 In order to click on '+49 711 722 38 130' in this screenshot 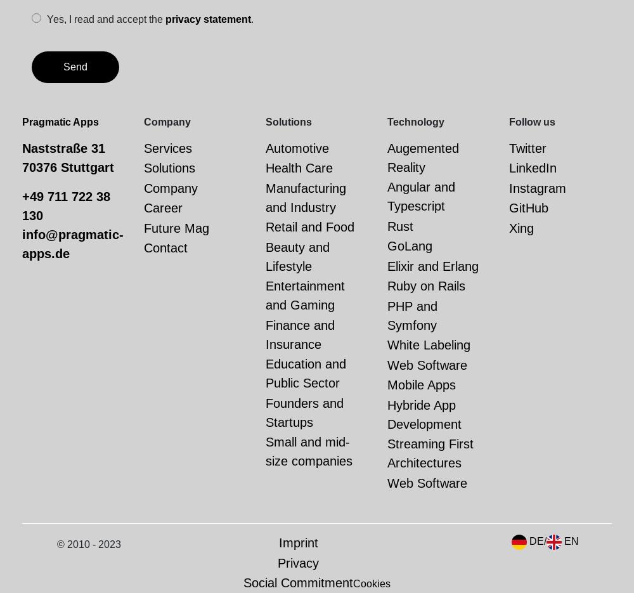, I will do `click(65, 205)`.